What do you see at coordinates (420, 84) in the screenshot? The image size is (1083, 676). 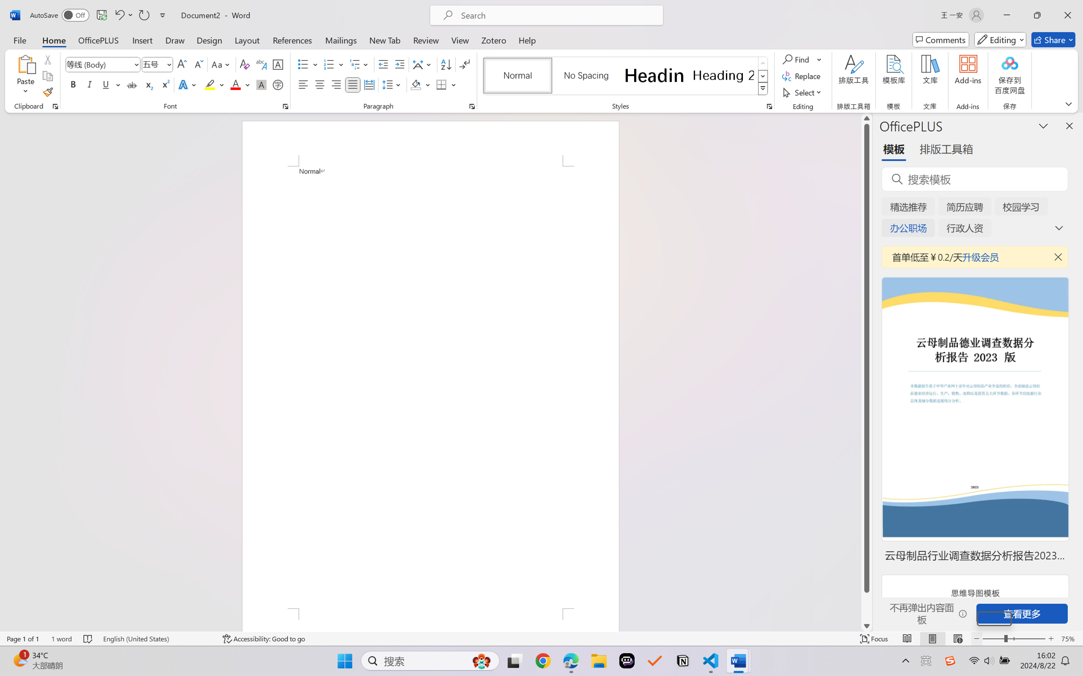 I see `'Shading'` at bounding box center [420, 84].